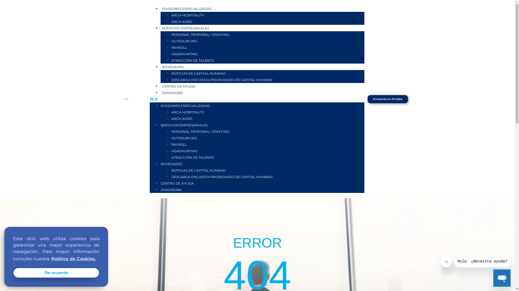 The width and height of the screenshot is (519, 291). Describe the element at coordinates (179, 47) in the screenshot. I see `'PAYROLL'` at that location.